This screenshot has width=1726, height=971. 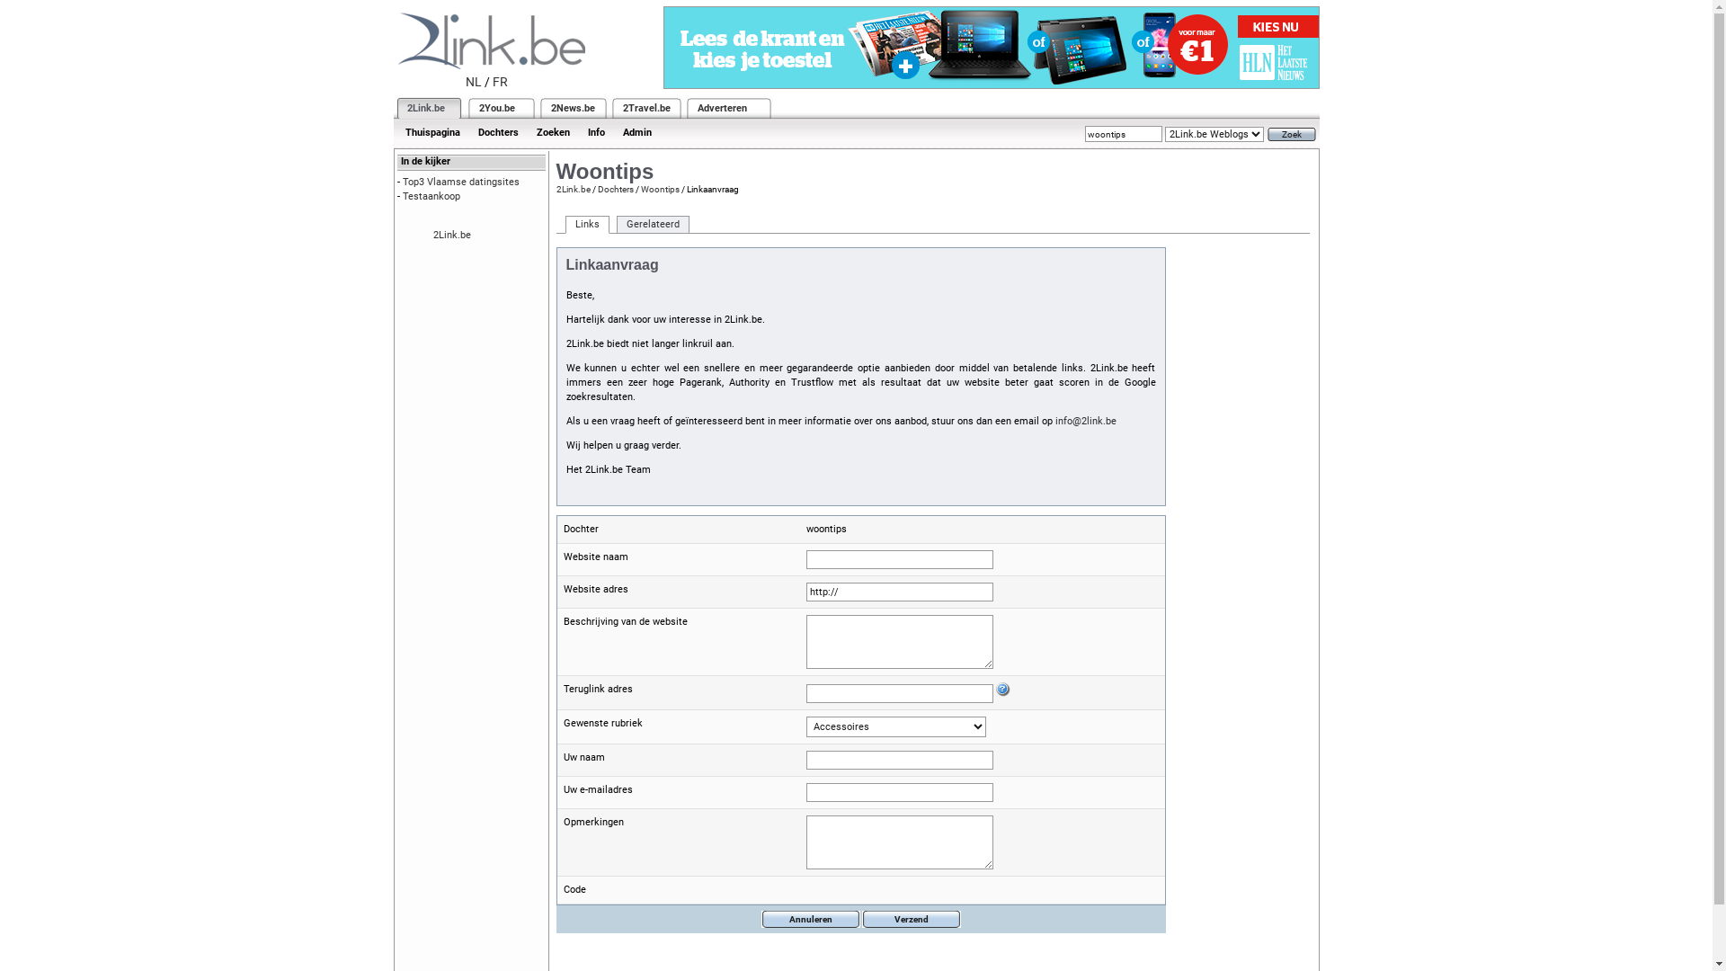 I want to click on 'Zoeken', so click(x=551, y=131).